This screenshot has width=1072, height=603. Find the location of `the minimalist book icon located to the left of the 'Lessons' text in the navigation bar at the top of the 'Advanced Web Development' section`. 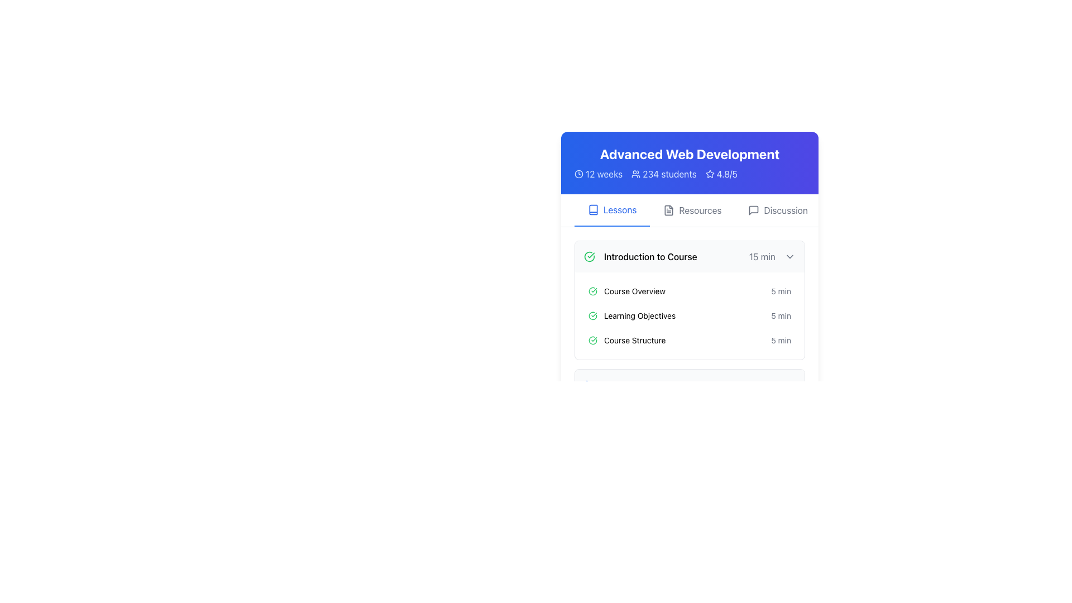

the minimalist book icon located to the left of the 'Lessons' text in the navigation bar at the top of the 'Advanced Web Development' section is located at coordinates (592, 209).